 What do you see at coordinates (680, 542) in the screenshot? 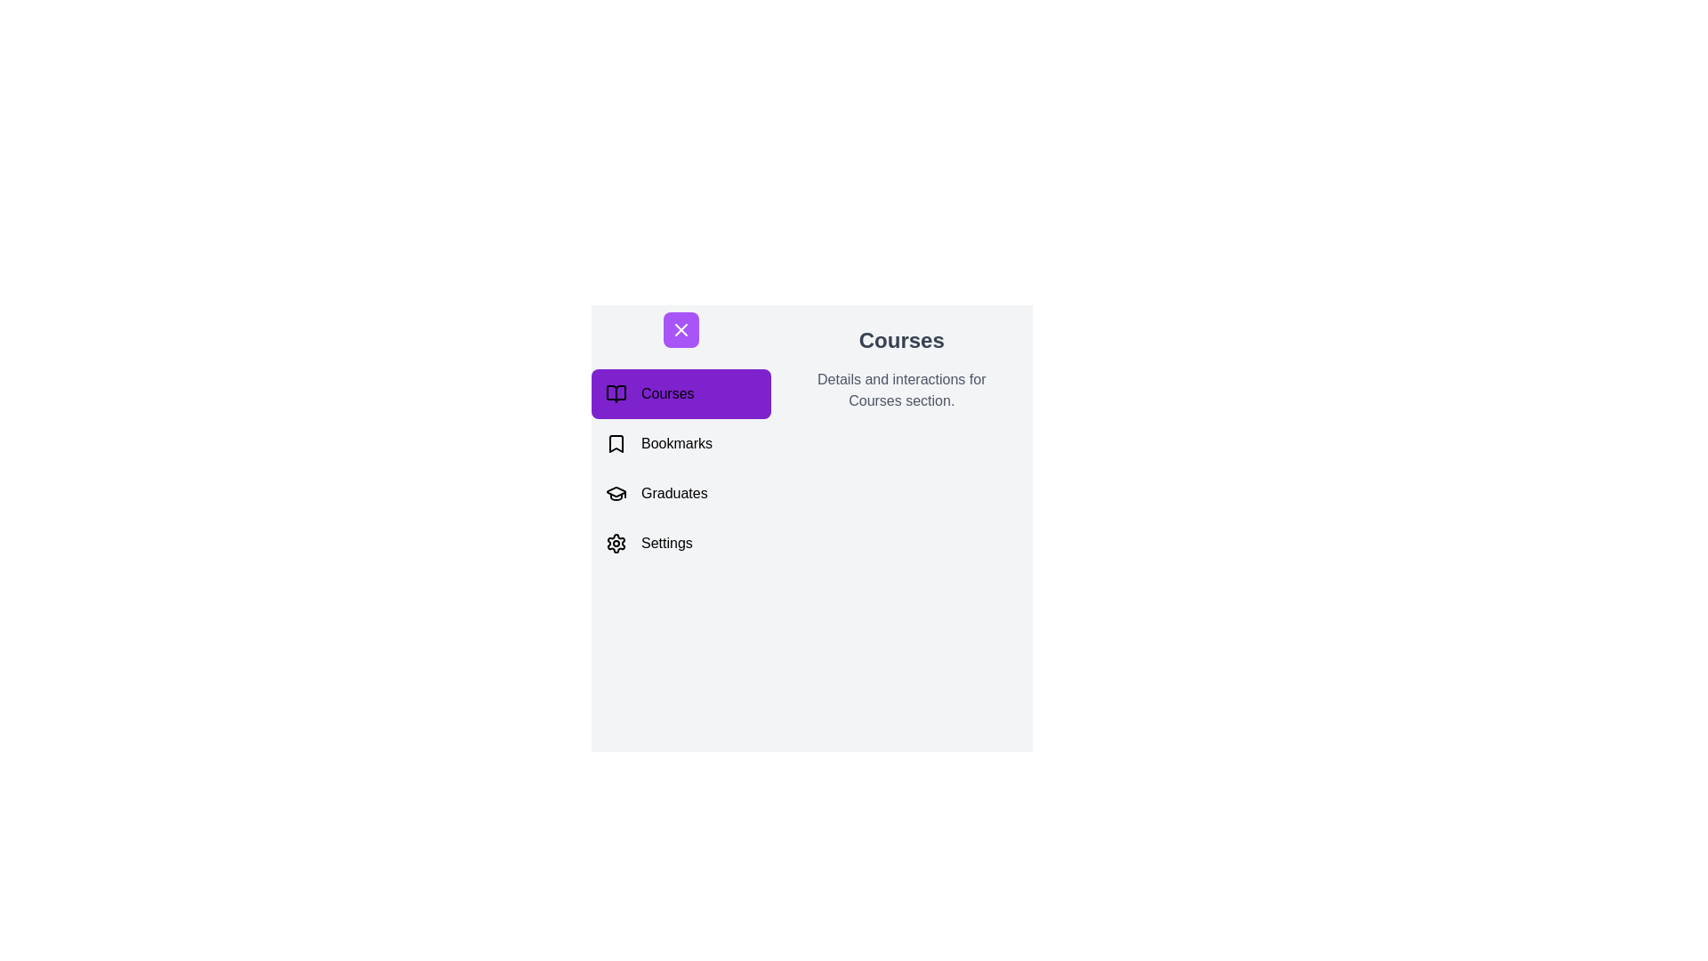
I see `the navigation item Settings to preview its action` at bounding box center [680, 542].